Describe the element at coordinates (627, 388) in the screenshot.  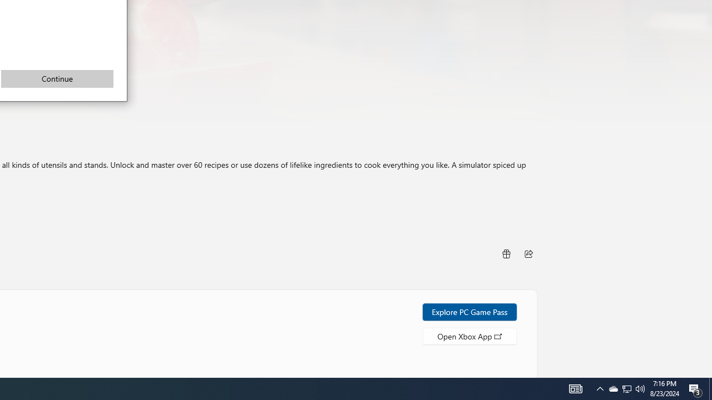
I see `'Notification Chevron'` at that location.